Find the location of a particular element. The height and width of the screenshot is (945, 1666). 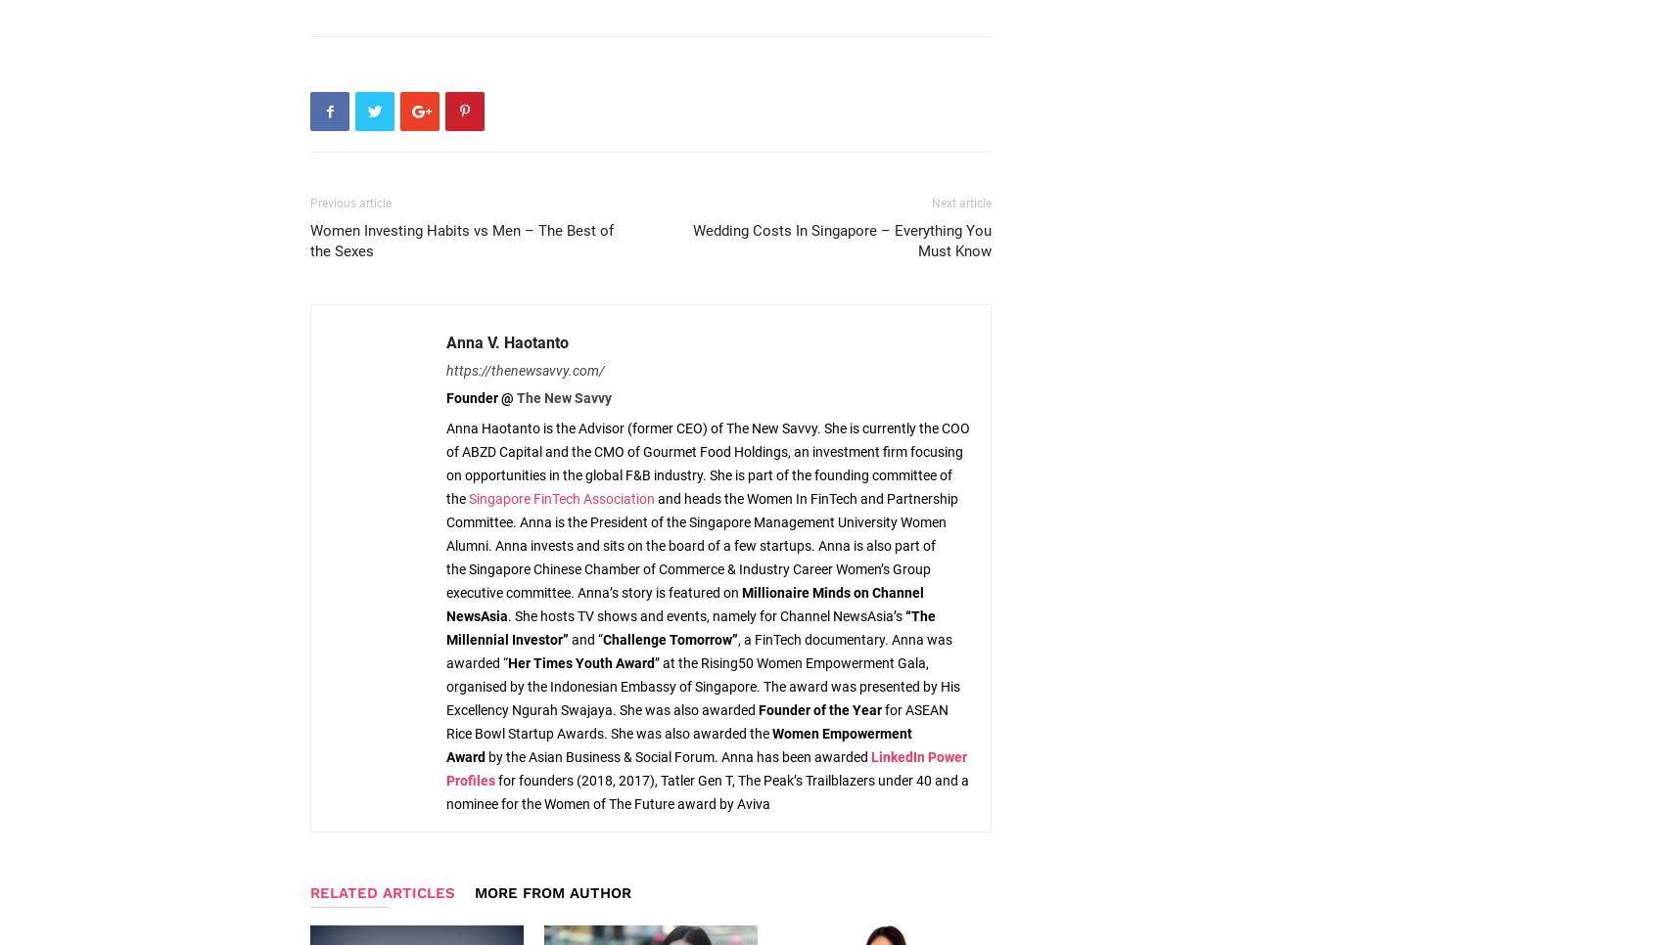

'for ASEAN Rice Bowl Startup Awards. She was also awarded the' is located at coordinates (696, 722).